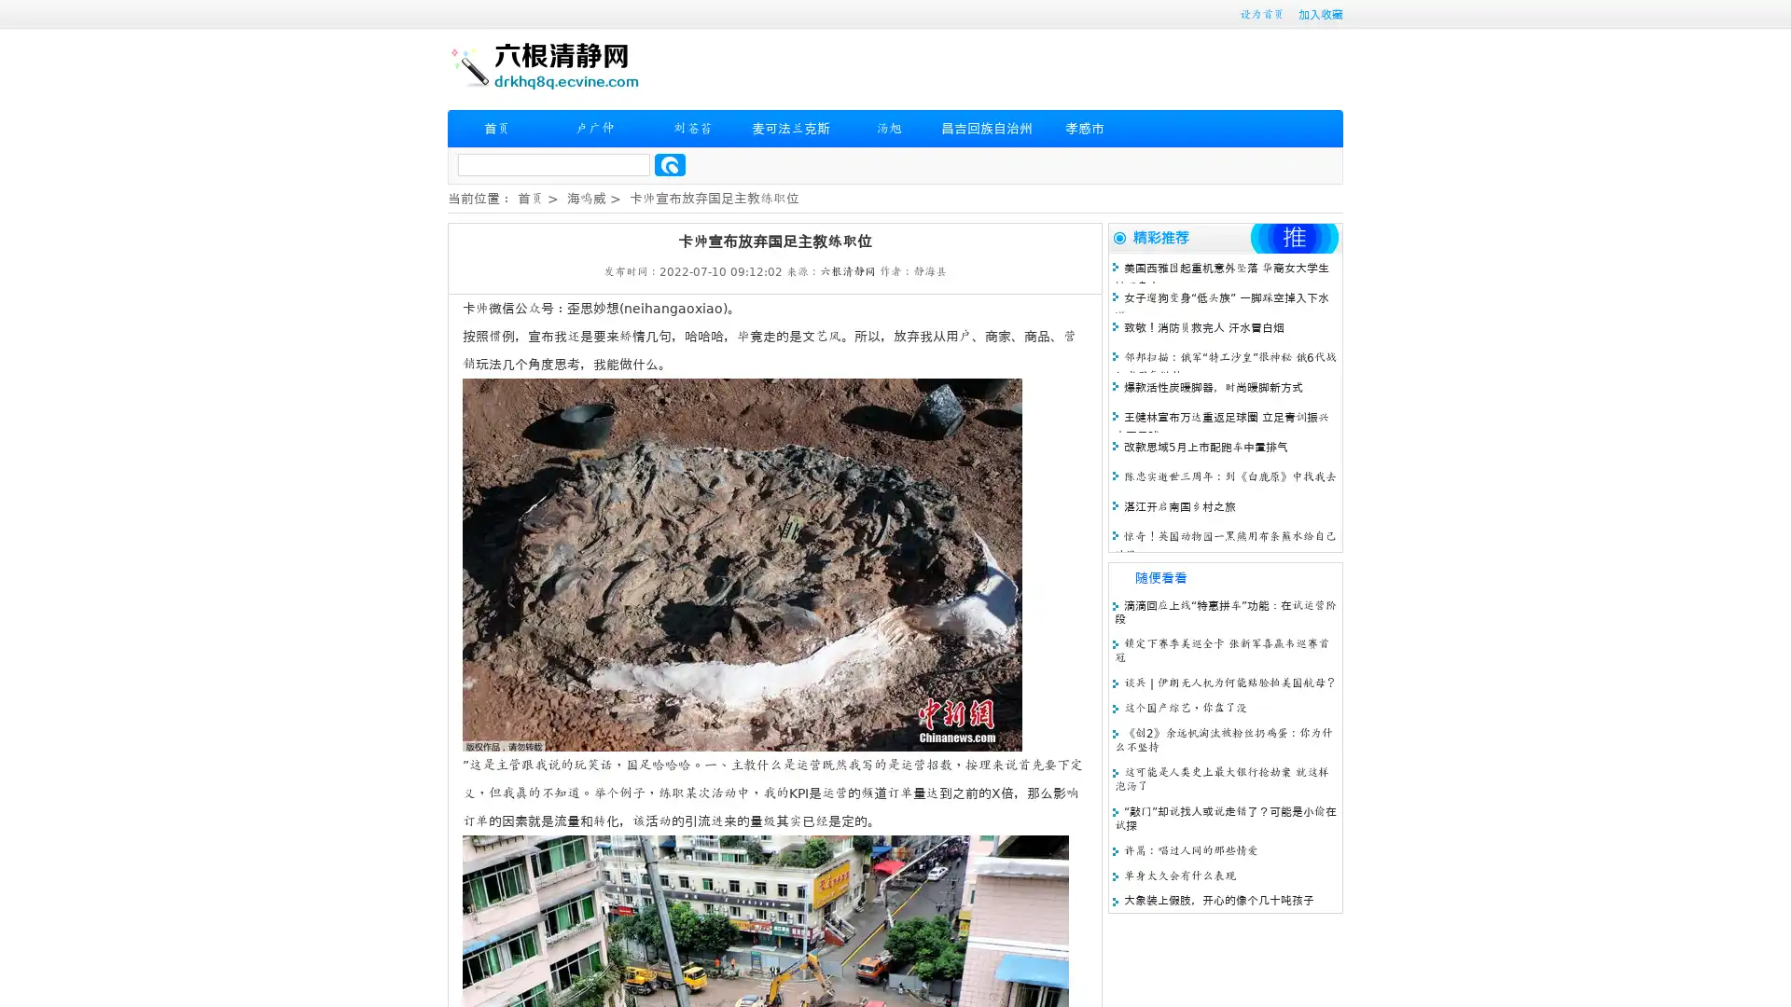  Describe the element at coordinates (670, 164) in the screenshot. I see `Search` at that location.